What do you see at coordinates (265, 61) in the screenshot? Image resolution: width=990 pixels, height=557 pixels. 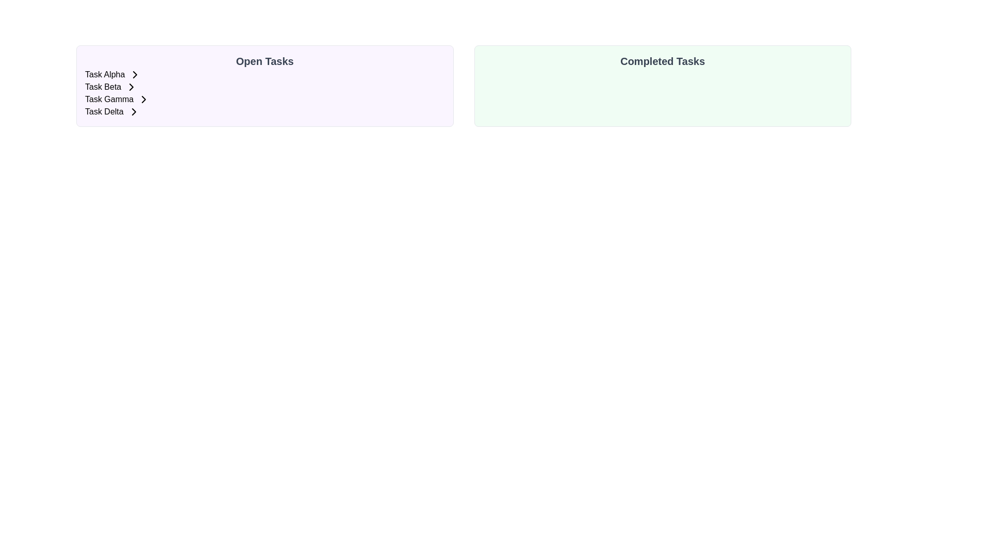 I see `the 'Open Tasks' header to inspect its contents` at bounding box center [265, 61].